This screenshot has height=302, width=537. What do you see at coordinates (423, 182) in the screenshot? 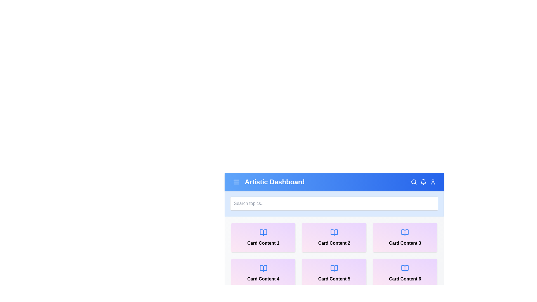
I see `the navigation bar elements: bell_icon` at bounding box center [423, 182].